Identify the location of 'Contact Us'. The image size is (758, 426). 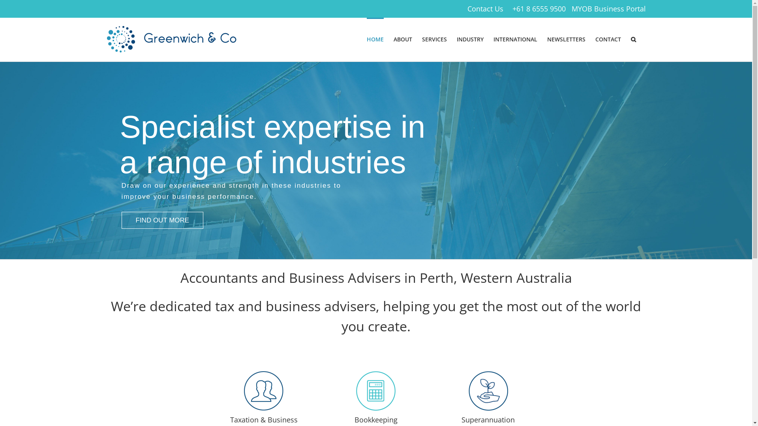
(485, 9).